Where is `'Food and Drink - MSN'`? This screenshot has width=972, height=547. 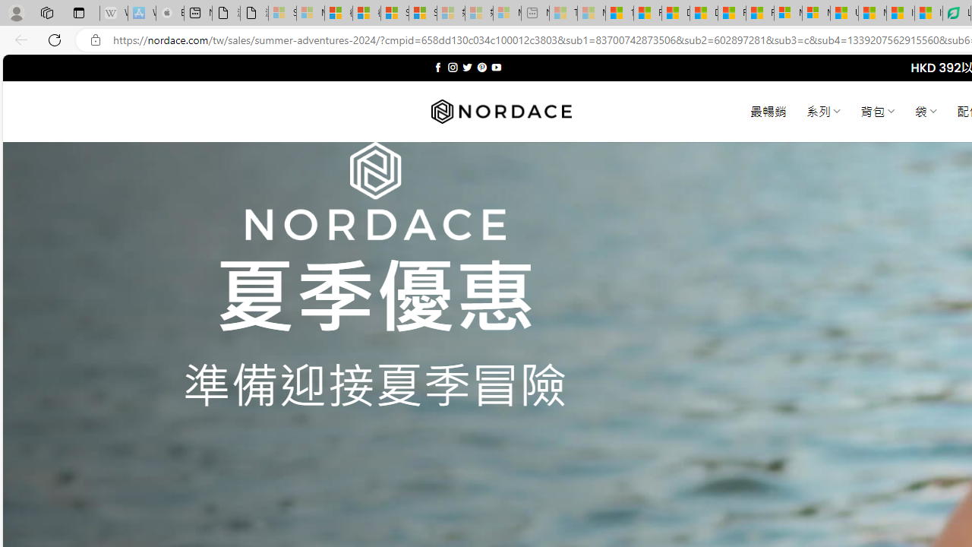 'Food and Drink - MSN' is located at coordinates (648, 13).